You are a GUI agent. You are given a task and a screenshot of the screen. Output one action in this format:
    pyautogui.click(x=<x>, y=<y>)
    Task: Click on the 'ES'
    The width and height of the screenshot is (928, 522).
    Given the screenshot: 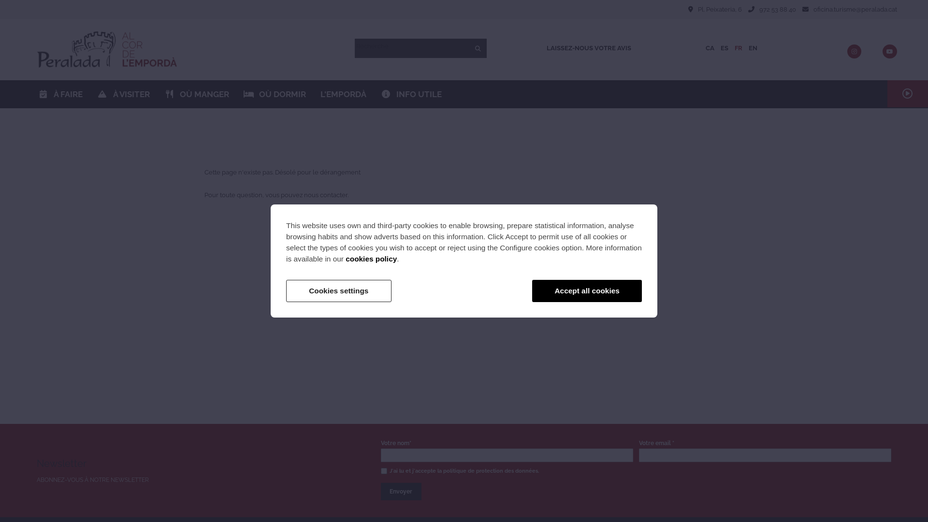 What is the action you would take?
    pyautogui.click(x=724, y=48)
    